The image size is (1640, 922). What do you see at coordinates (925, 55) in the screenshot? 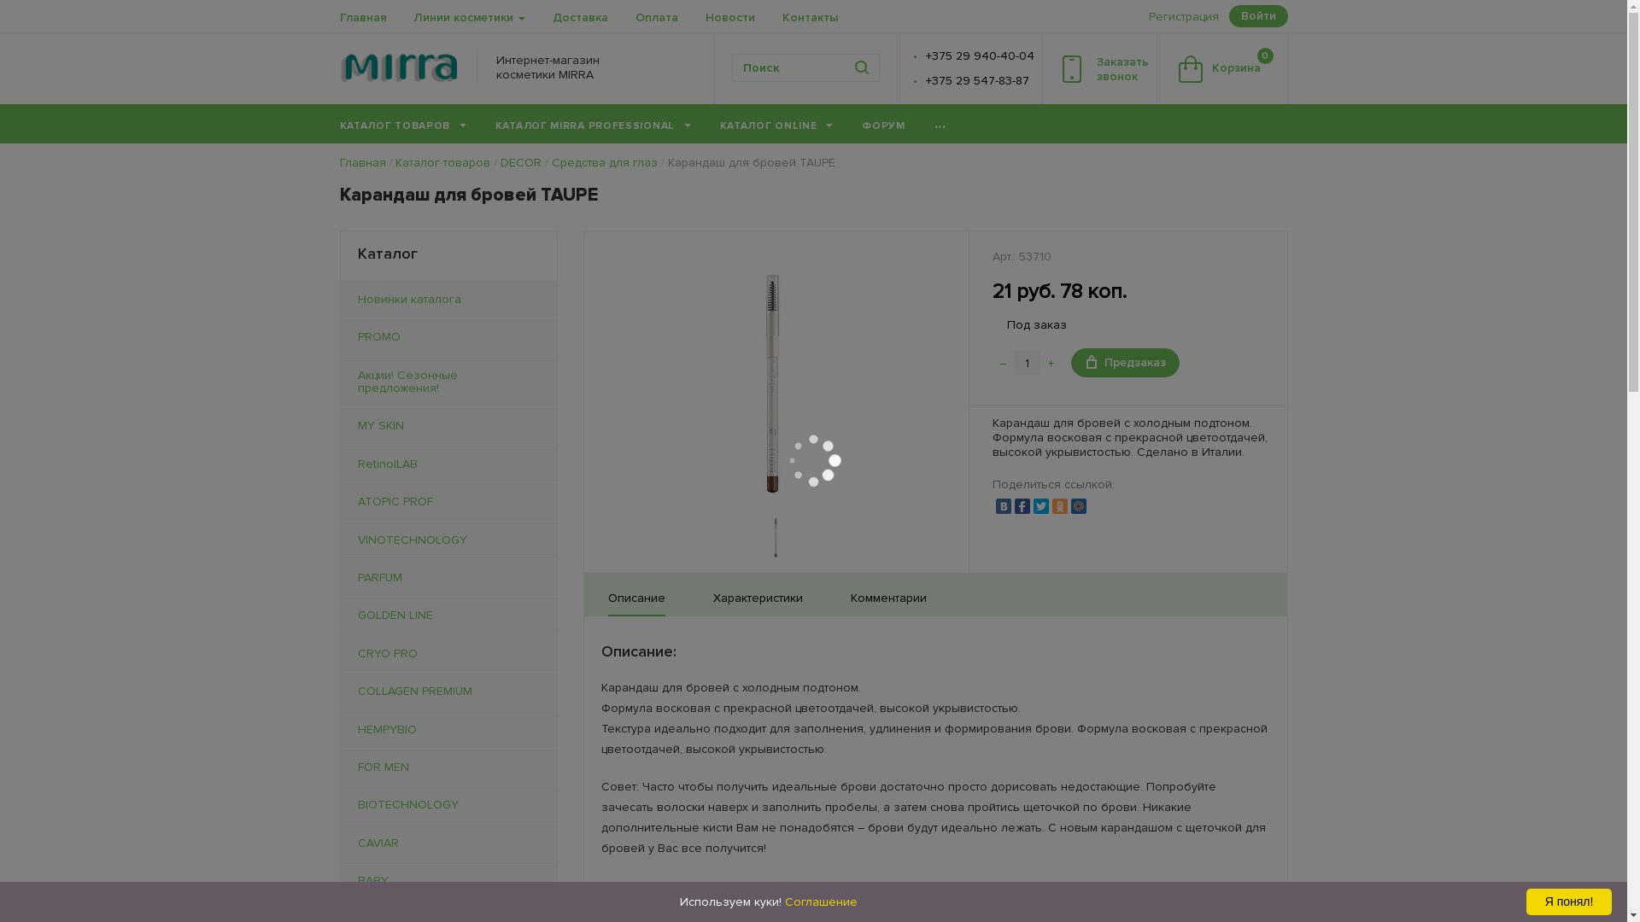
I see `'+375 29 940-40-04'` at bounding box center [925, 55].